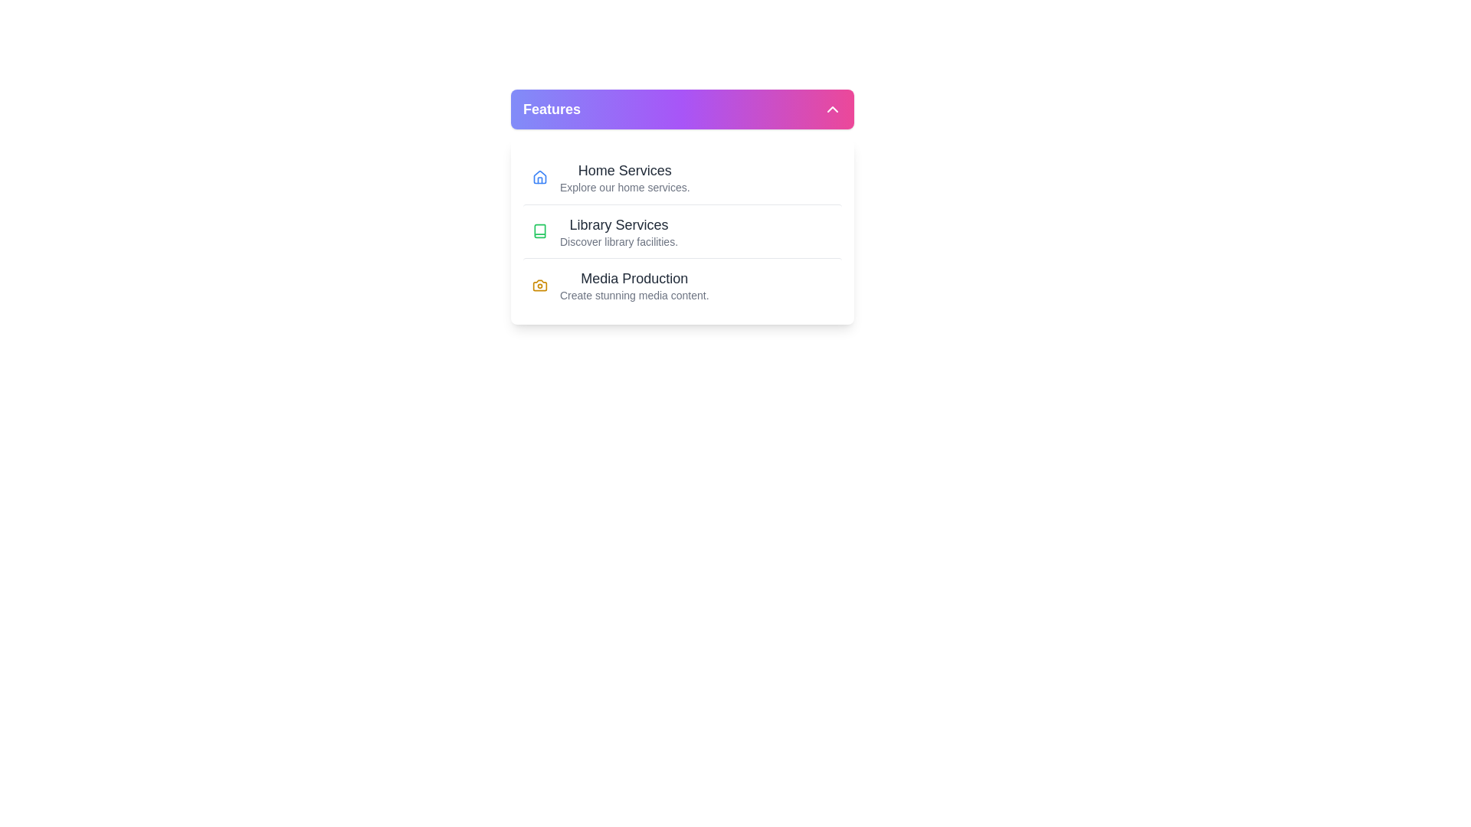  I want to click on the 'Library Services' icon, which is the leading icon in the vertical list of services positioned to the leftmost edge between 'Home Services' and 'Media Production', so click(540, 230).